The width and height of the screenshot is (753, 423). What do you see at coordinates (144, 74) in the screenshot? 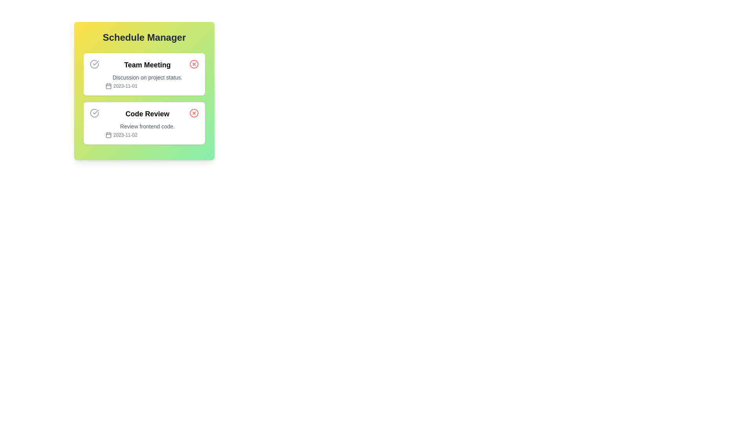
I see `the first card in the Schedule Manager, which displays meeting details and associated actions` at bounding box center [144, 74].